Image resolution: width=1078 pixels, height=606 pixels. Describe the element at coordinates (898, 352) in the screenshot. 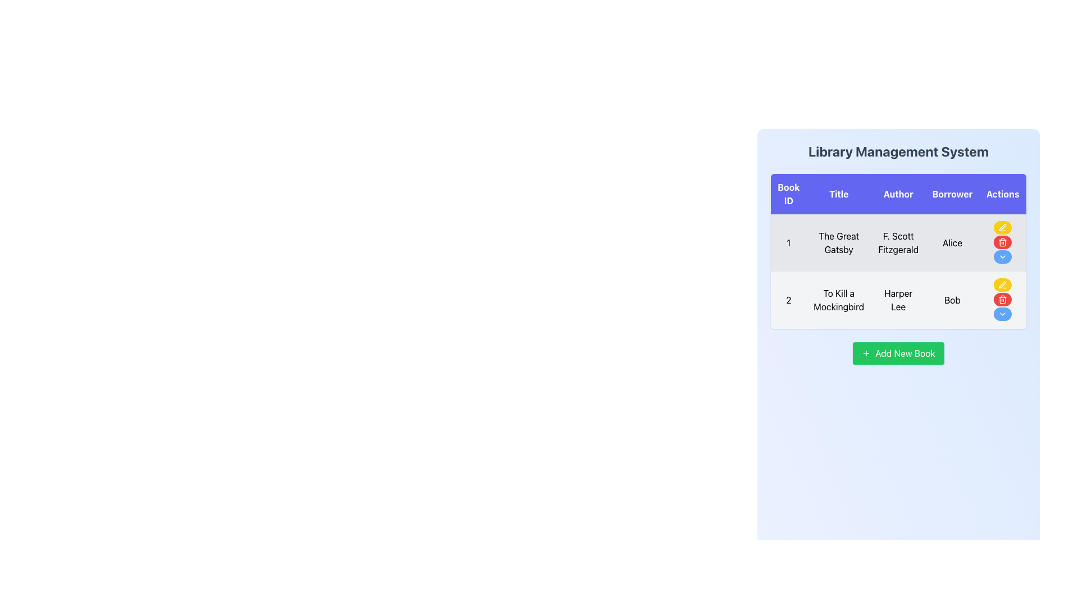

I see `the 'Add New Book' button with a green background and white text located below the book information table` at that location.